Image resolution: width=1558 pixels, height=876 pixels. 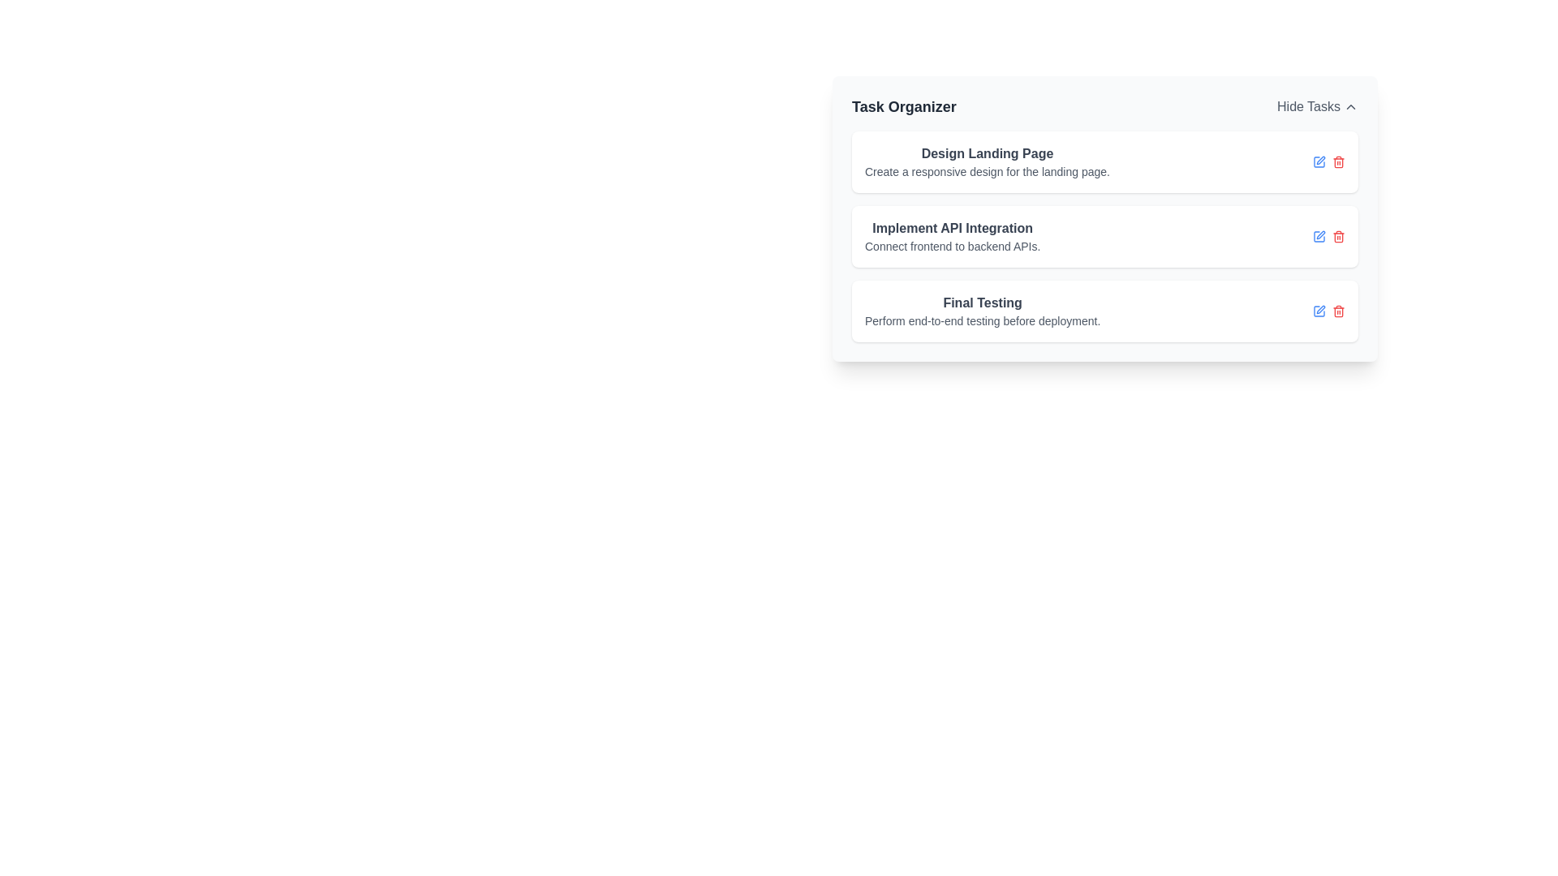 What do you see at coordinates (1320, 309) in the screenshot?
I see `the edit icon located at the end of the task entry for 'Final Testing'` at bounding box center [1320, 309].